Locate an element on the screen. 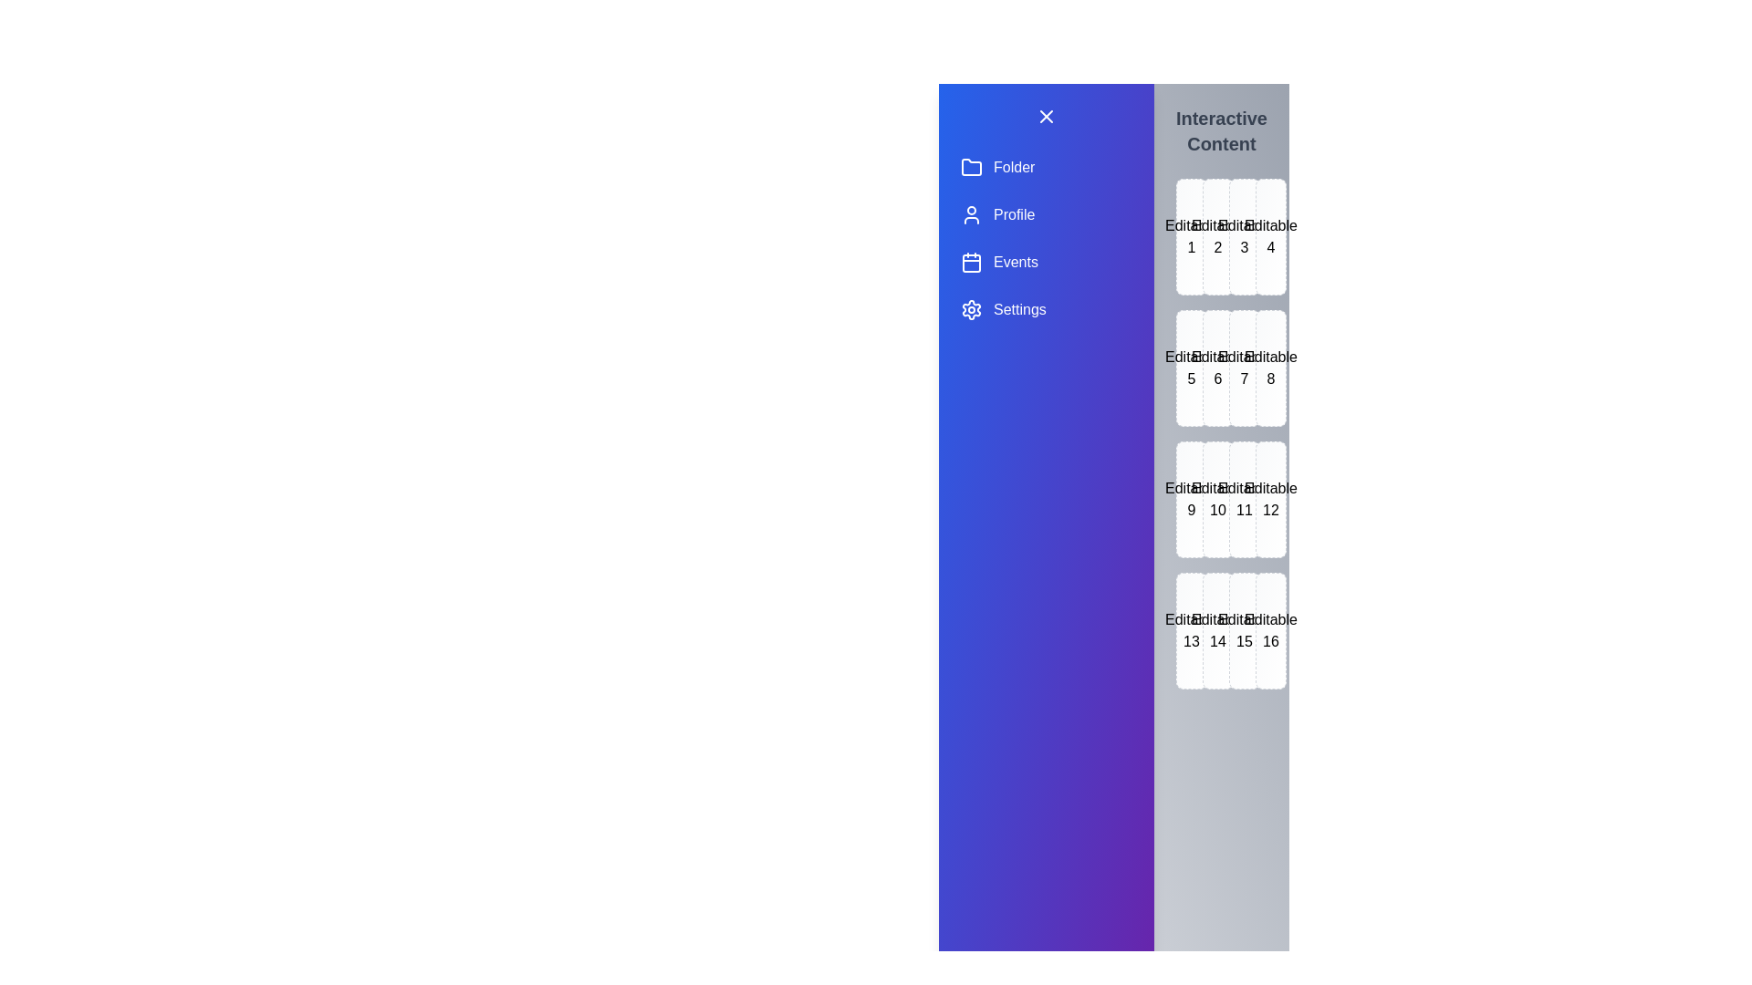  the drawer item labeled Settings is located at coordinates (1046, 308).